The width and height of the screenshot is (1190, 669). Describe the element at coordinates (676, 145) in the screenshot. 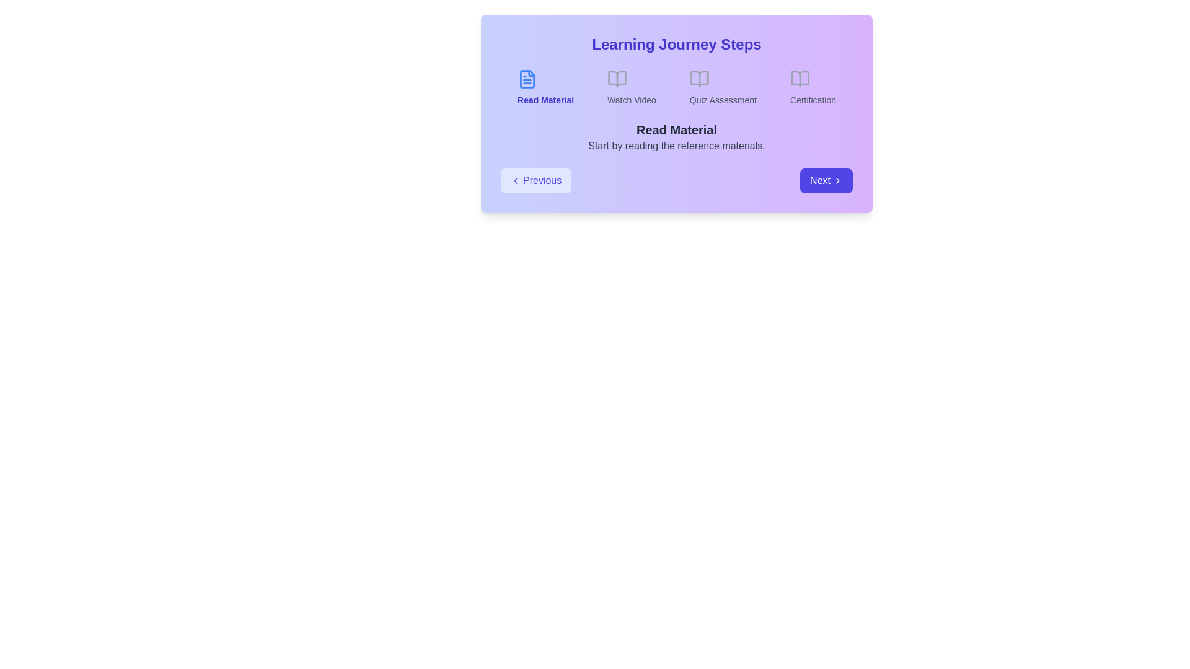

I see `the text element displaying 'Start by reading the reference materials.' which is located directly below the title 'Read Material' in a light purple card layout` at that location.